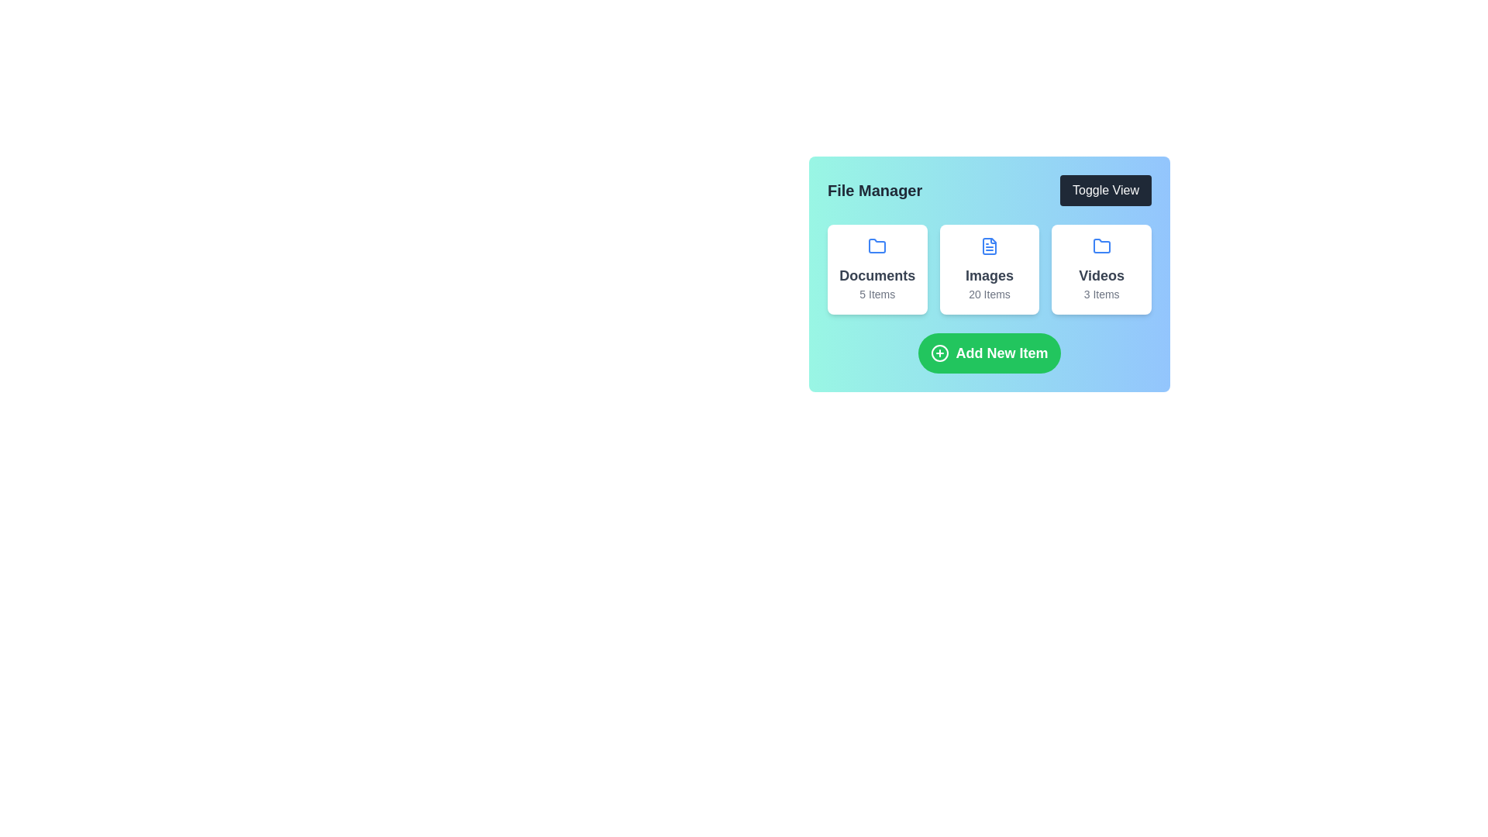  Describe the element at coordinates (1100, 245) in the screenshot. I see `the blue folder icon located in the 'Videos' category of the file manager interface` at that location.